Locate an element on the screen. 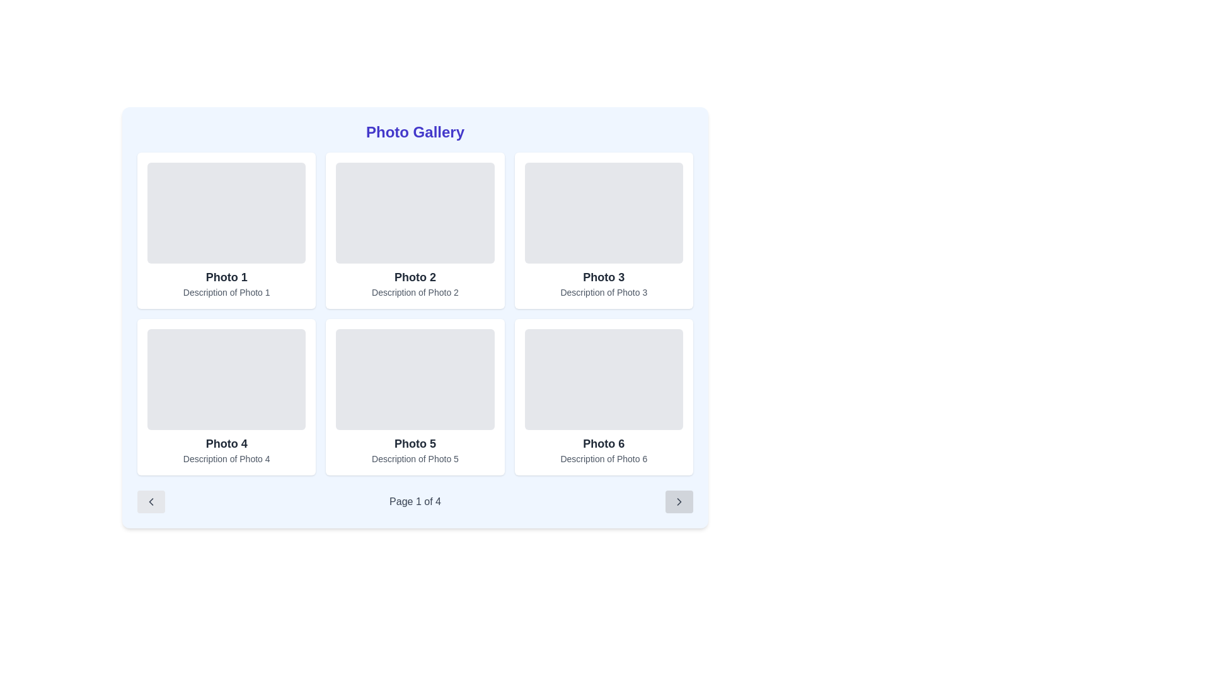  the second Card component in the first row of the photo gallery interface for accessibility purposes is located at coordinates (415, 231).